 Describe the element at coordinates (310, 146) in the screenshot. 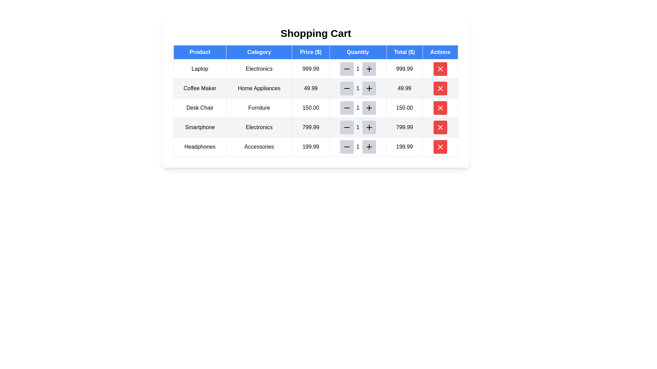

I see `the static text display showing the price '199.99' for the 'Headphones' in the 'Accessories' category` at that location.